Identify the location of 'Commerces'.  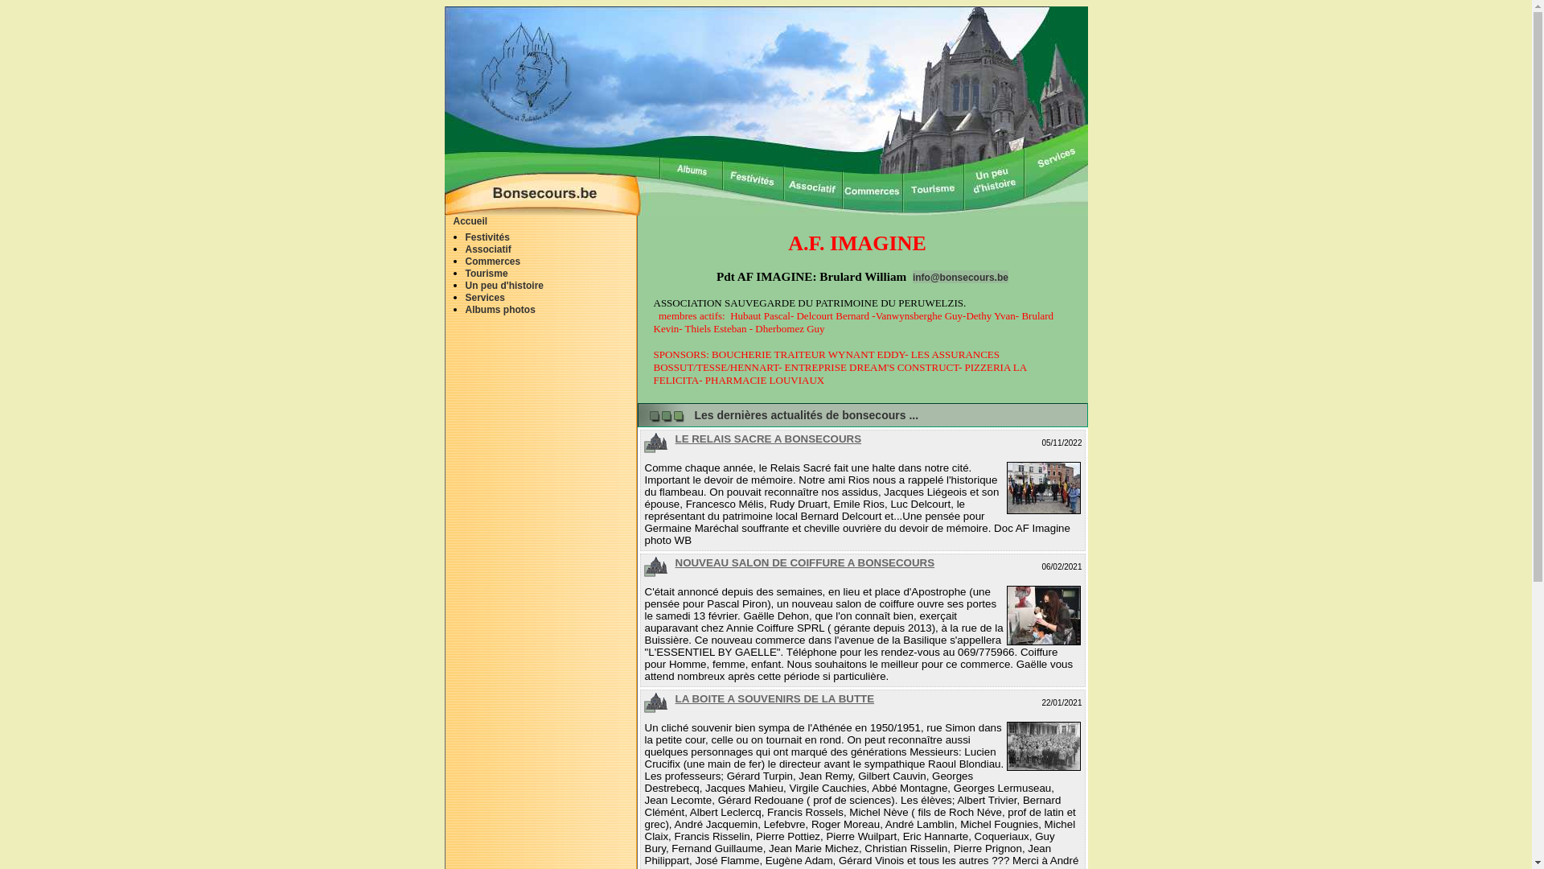
(491, 260).